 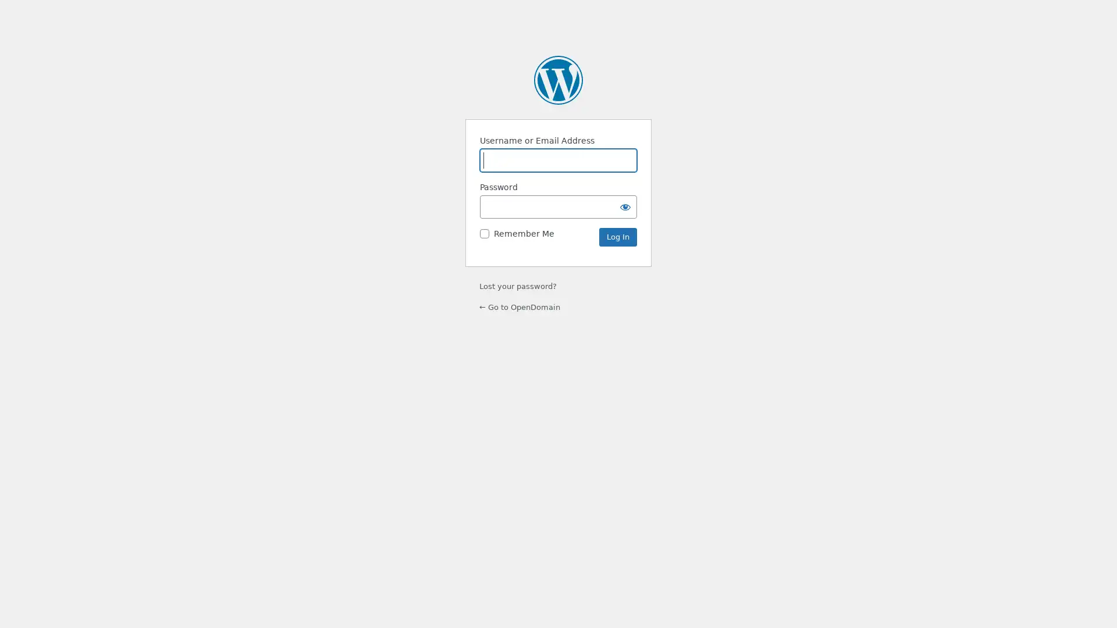 What do you see at coordinates (617, 237) in the screenshot?
I see `Log In` at bounding box center [617, 237].